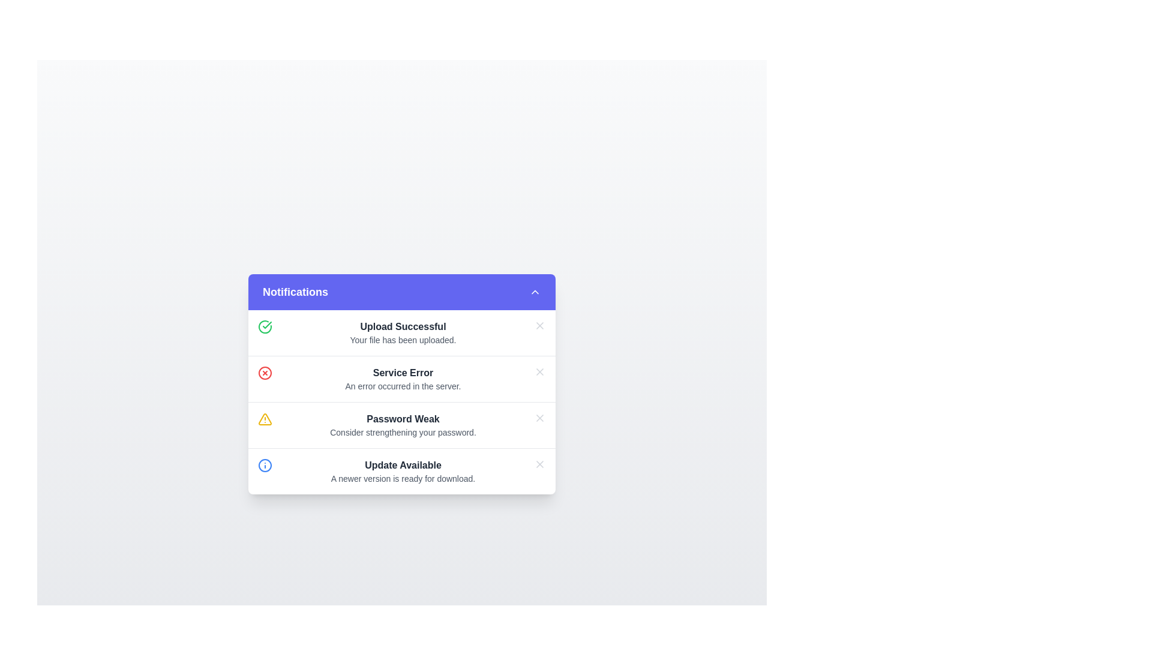 The image size is (1152, 648). What do you see at coordinates (402, 402) in the screenshot?
I see `the third notification item in the vertically stacked list of notifications, which includes headers like 'Upload Successful' and 'Service Error.'` at bounding box center [402, 402].